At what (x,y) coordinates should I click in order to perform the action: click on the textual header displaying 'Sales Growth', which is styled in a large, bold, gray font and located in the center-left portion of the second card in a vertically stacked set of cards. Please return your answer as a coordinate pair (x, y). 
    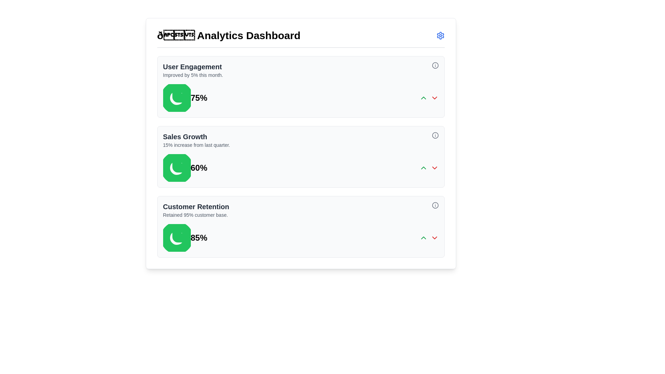
    Looking at the image, I should click on (185, 136).